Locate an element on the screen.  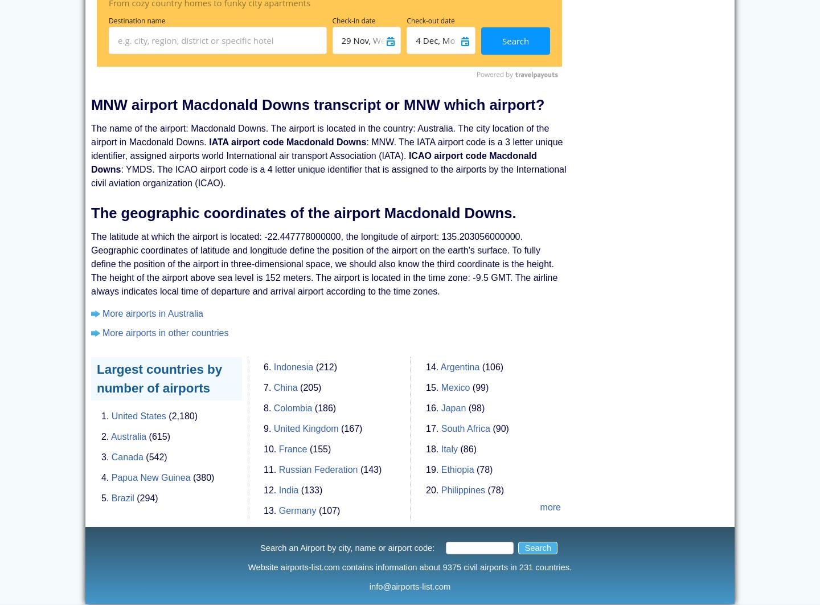
'Australia' is located at coordinates (128, 436).